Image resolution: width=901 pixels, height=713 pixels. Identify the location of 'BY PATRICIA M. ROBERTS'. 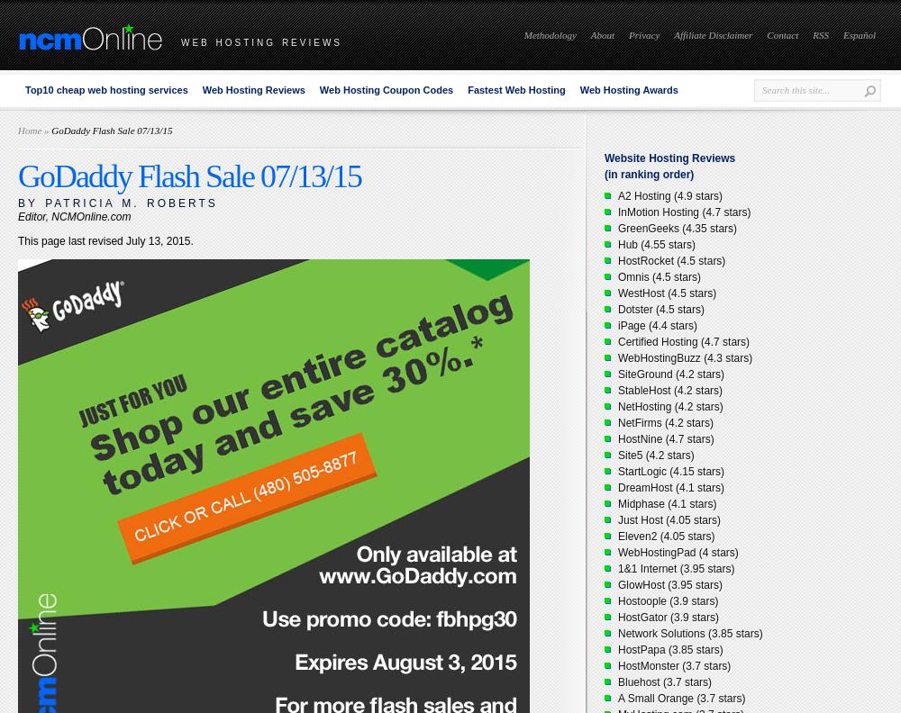
(117, 203).